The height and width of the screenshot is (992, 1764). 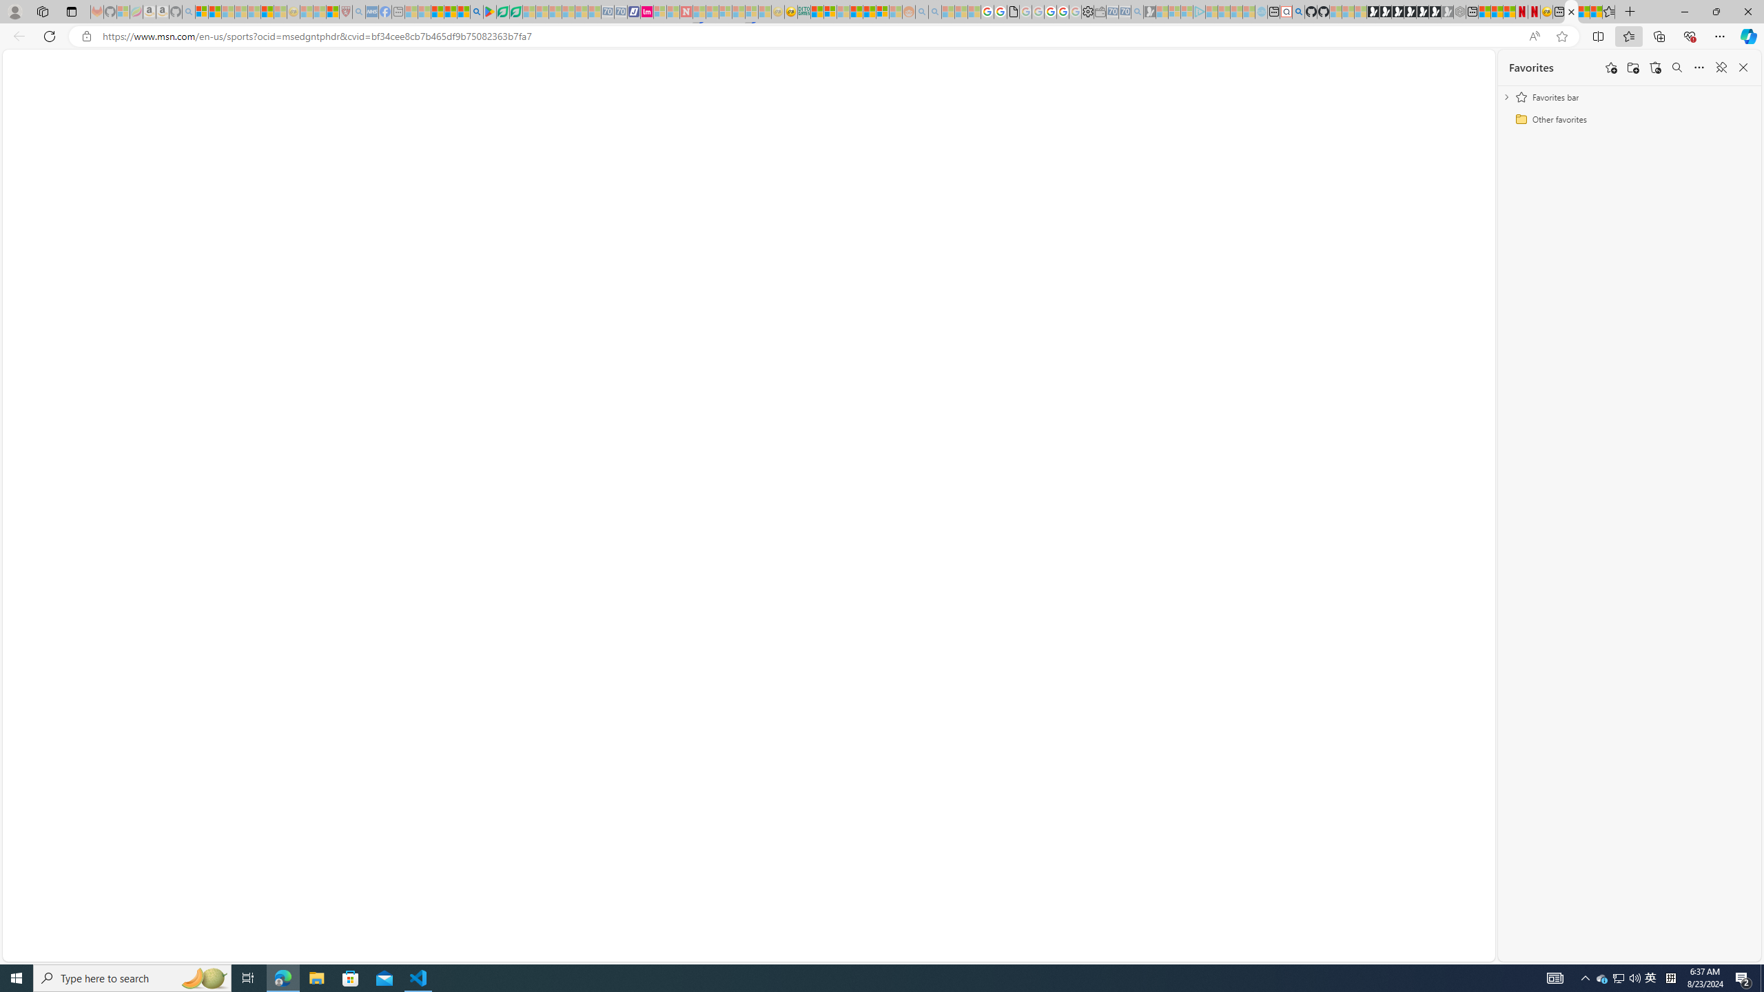 I want to click on 'Jobs - lastminute.com Investor Portal', so click(x=646, y=11).